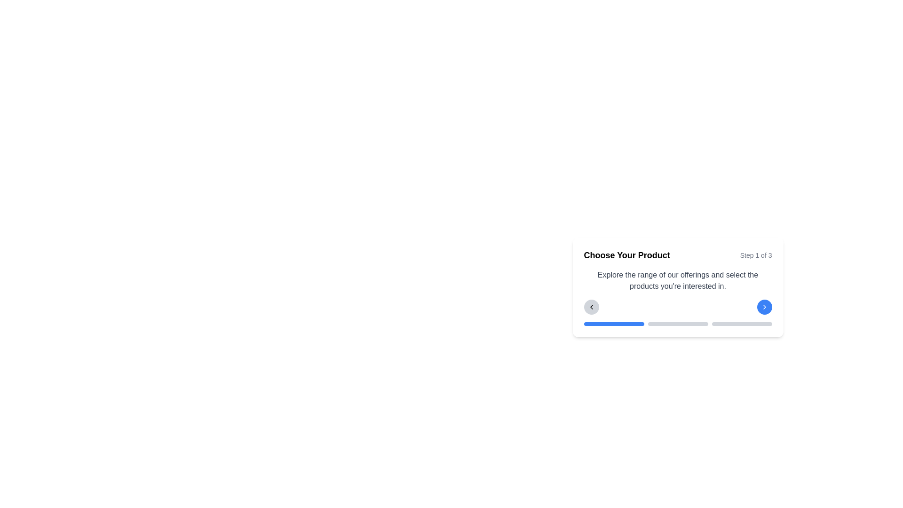 This screenshot has width=903, height=508. I want to click on the third and last bar of the progress indicator located below the 'Choose Your Product' text and near the navigation buttons, so click(741, 324).